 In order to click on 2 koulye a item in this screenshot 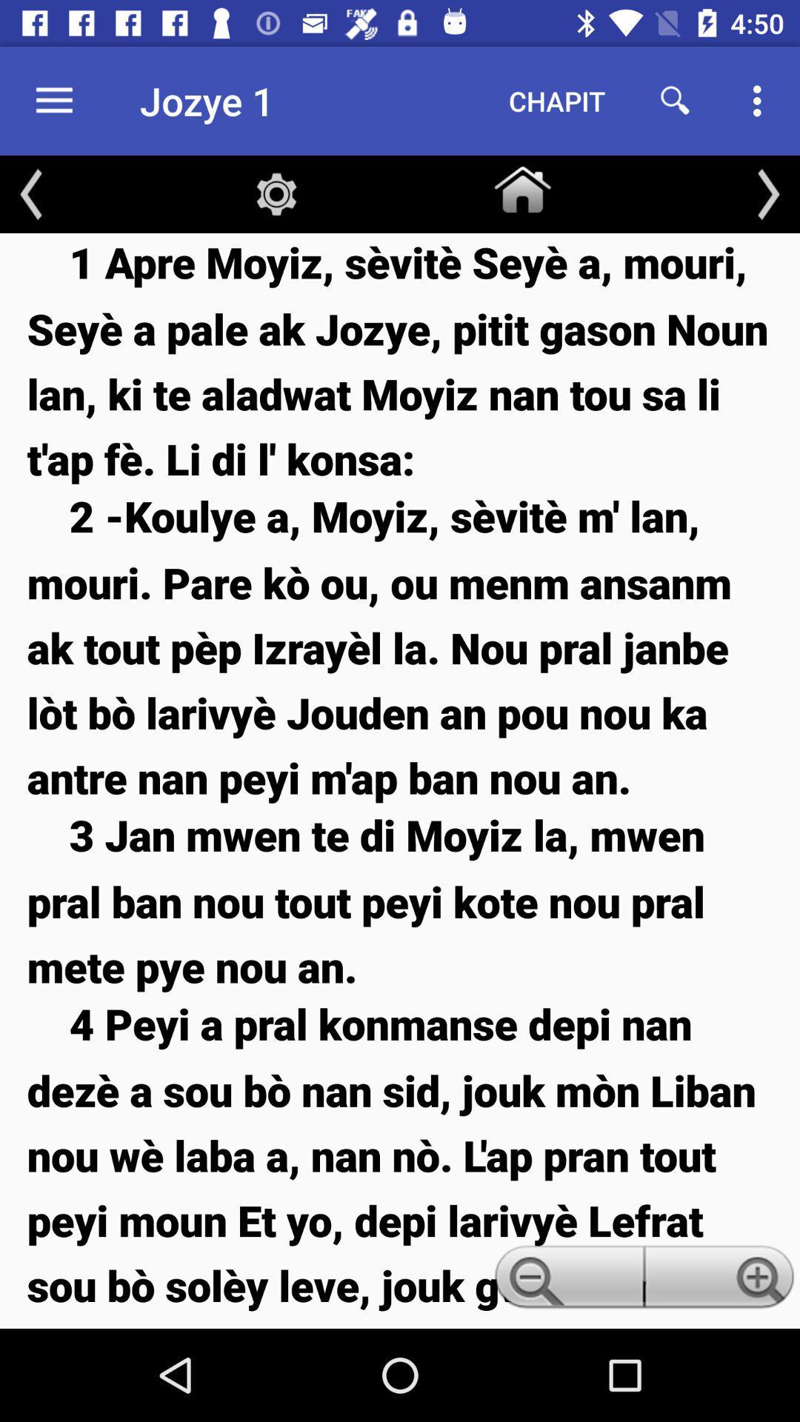, I will do `click(400, 647)`.